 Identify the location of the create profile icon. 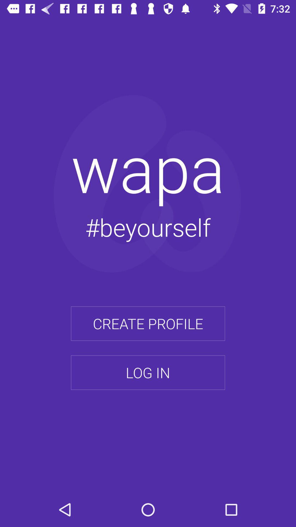
(148, 324).